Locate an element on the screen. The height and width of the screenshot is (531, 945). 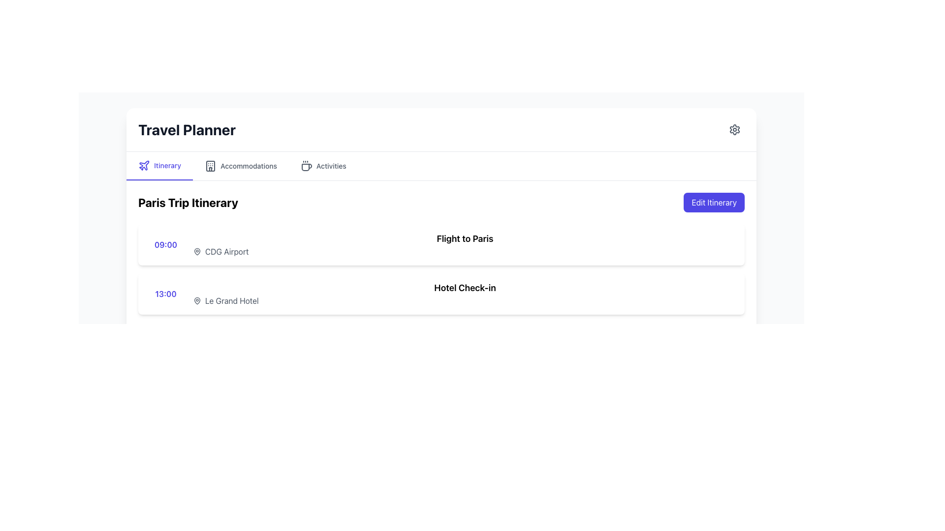
the circular settings icon (gear-like shape) located is located at coordinates (734, 129).